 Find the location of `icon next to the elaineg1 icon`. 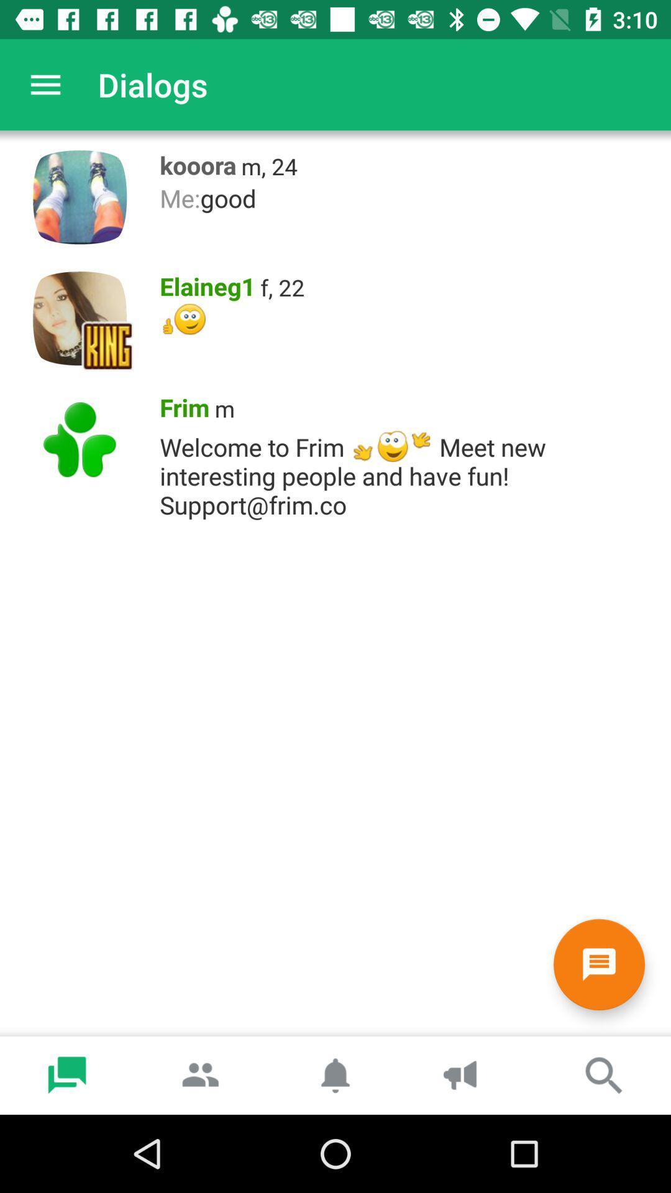

icon next to the elaineg1 icon is located at coordinates (282, 286).